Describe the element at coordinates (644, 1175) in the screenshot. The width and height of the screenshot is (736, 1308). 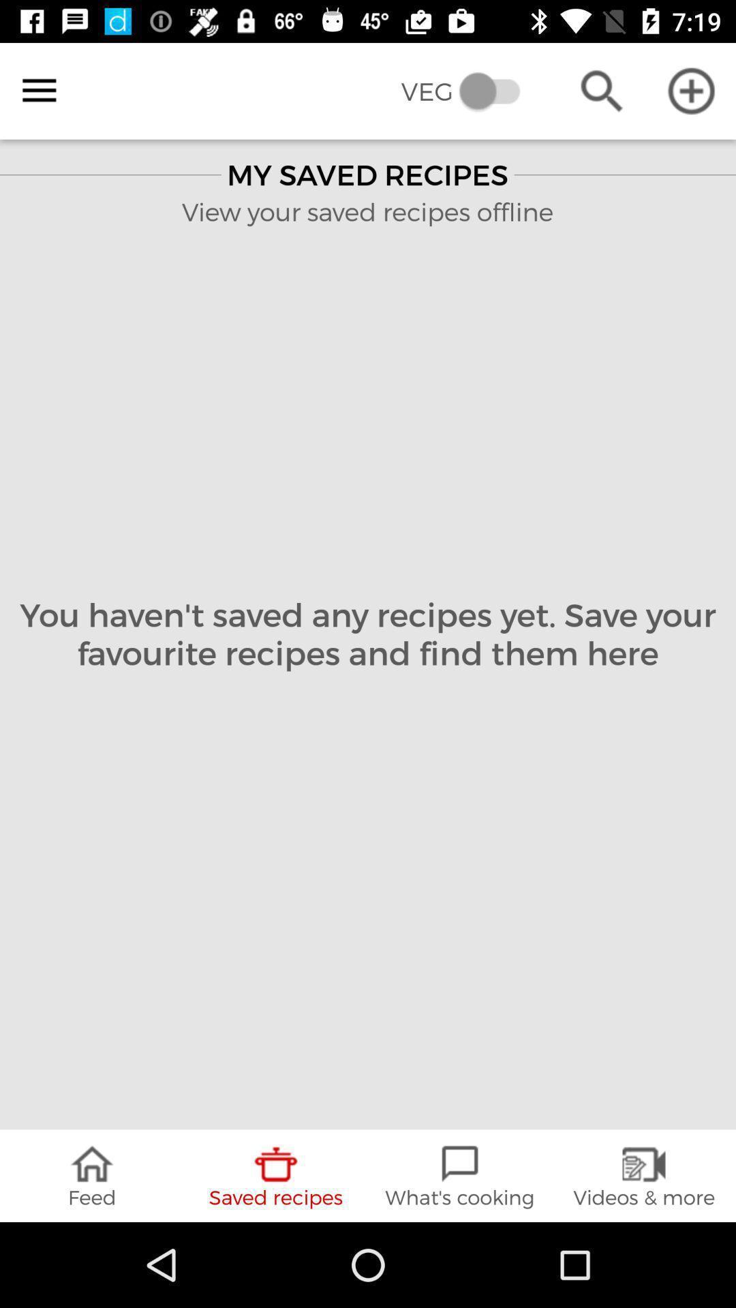
I see `item to the right of the what's cooking item` at that location.